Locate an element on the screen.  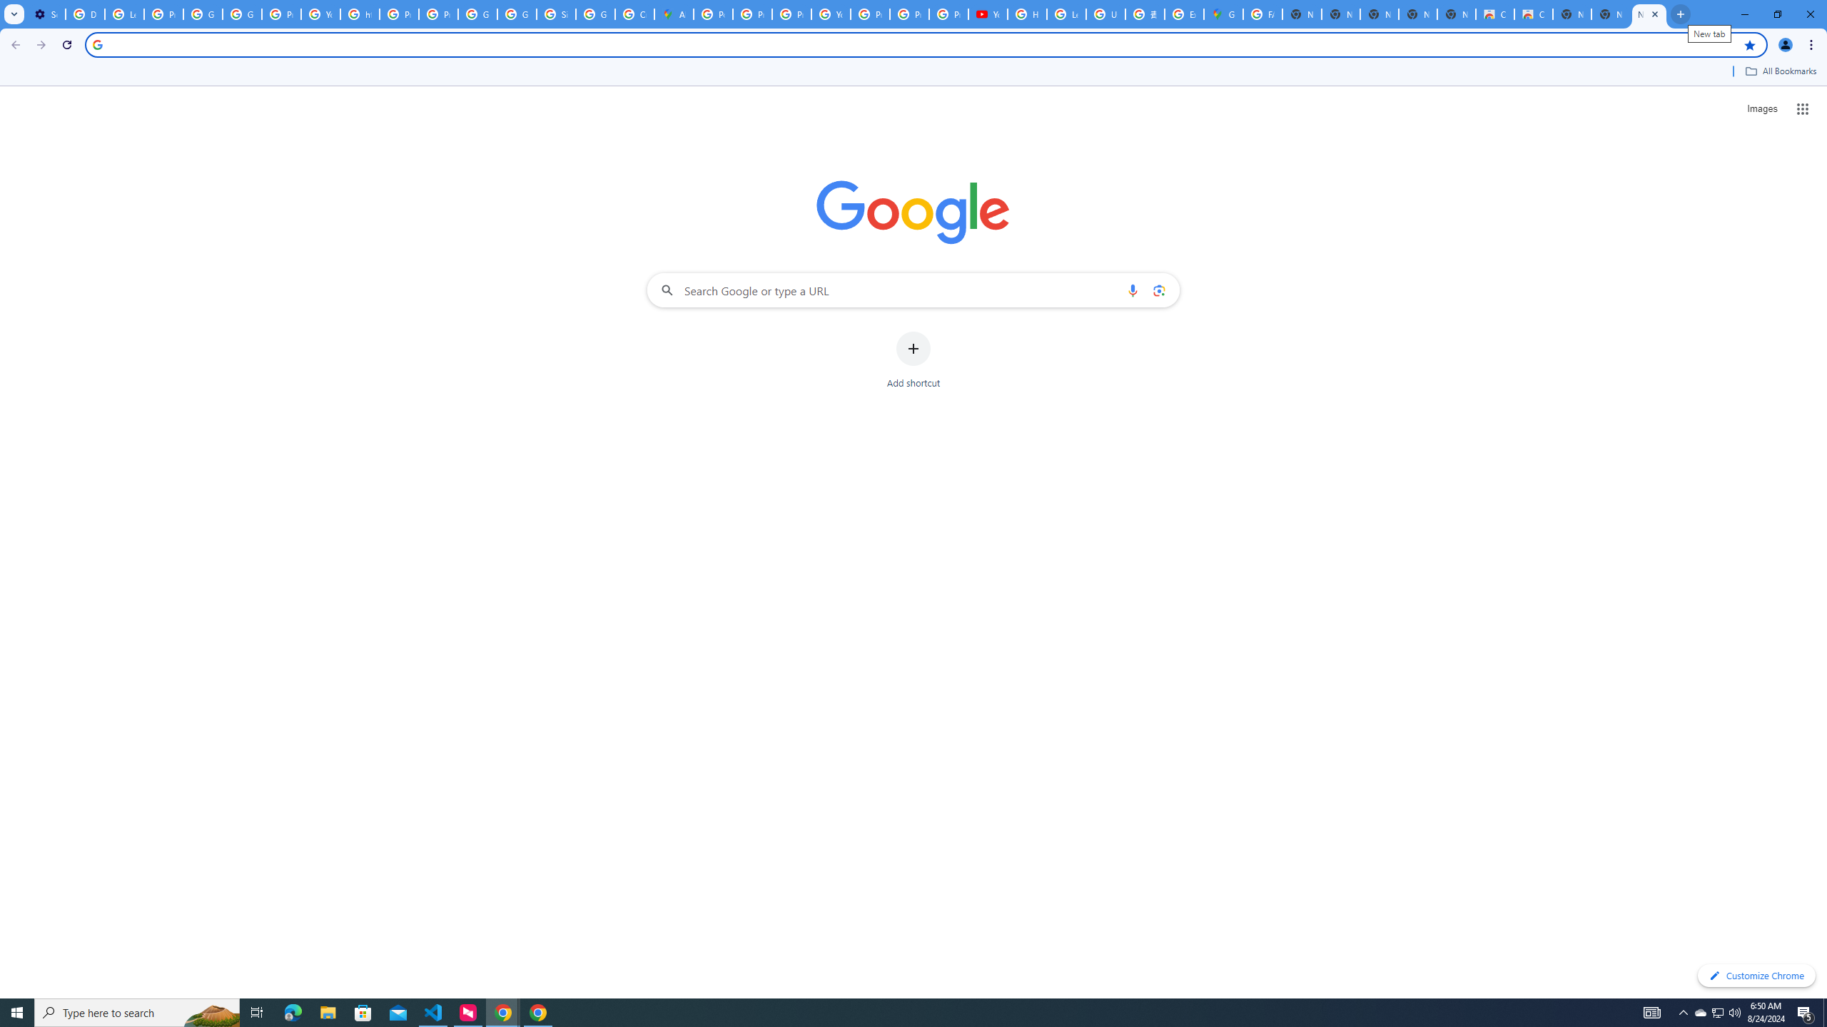
'New Tab' is located at coordinates (1649, 14).